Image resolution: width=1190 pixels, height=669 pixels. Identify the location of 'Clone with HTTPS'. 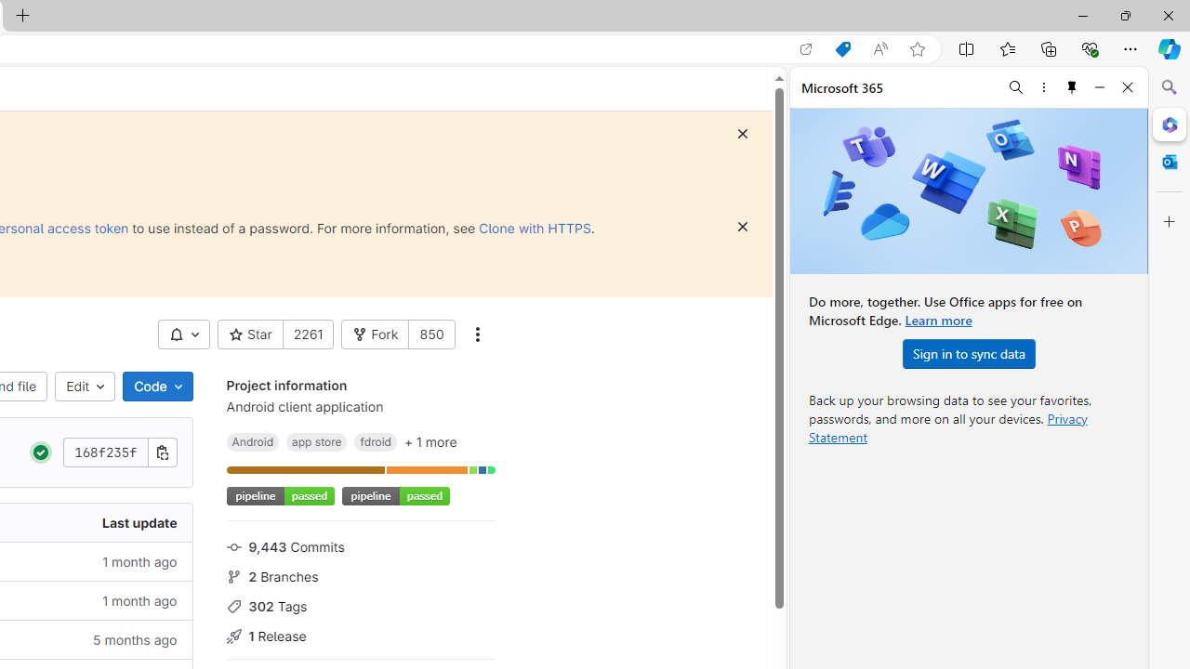
(534, 227).